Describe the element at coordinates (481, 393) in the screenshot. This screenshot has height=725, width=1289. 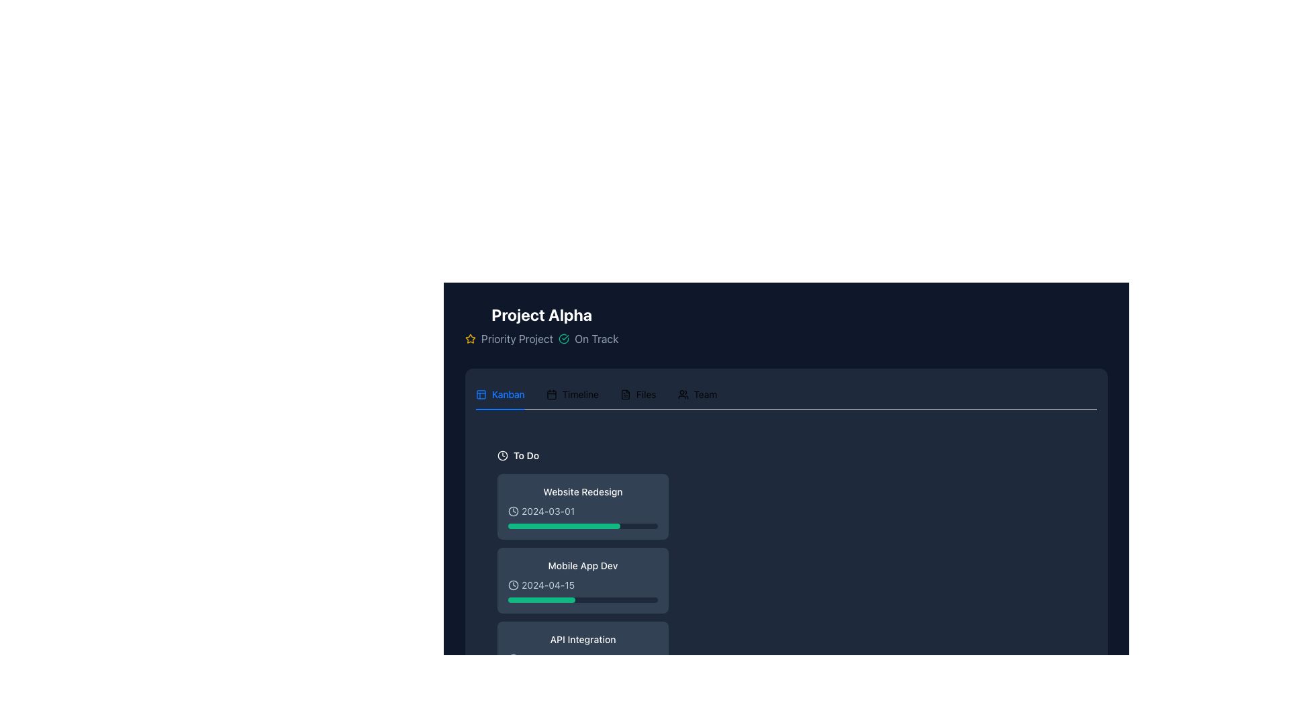
I see `the compact grid icon located to the left of the 'Kanban' label, which features a square outline with internal dividers in a minimalist design` at that location.